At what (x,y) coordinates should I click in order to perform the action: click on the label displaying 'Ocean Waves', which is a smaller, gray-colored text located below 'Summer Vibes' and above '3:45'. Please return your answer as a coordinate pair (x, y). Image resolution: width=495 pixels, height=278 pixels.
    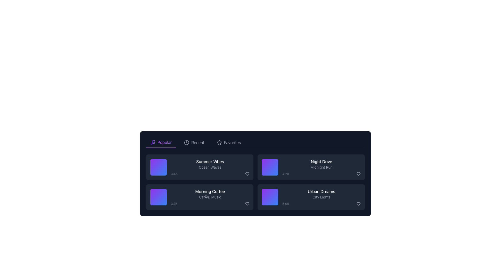
    Looking at the image, I should click on (210, 167).